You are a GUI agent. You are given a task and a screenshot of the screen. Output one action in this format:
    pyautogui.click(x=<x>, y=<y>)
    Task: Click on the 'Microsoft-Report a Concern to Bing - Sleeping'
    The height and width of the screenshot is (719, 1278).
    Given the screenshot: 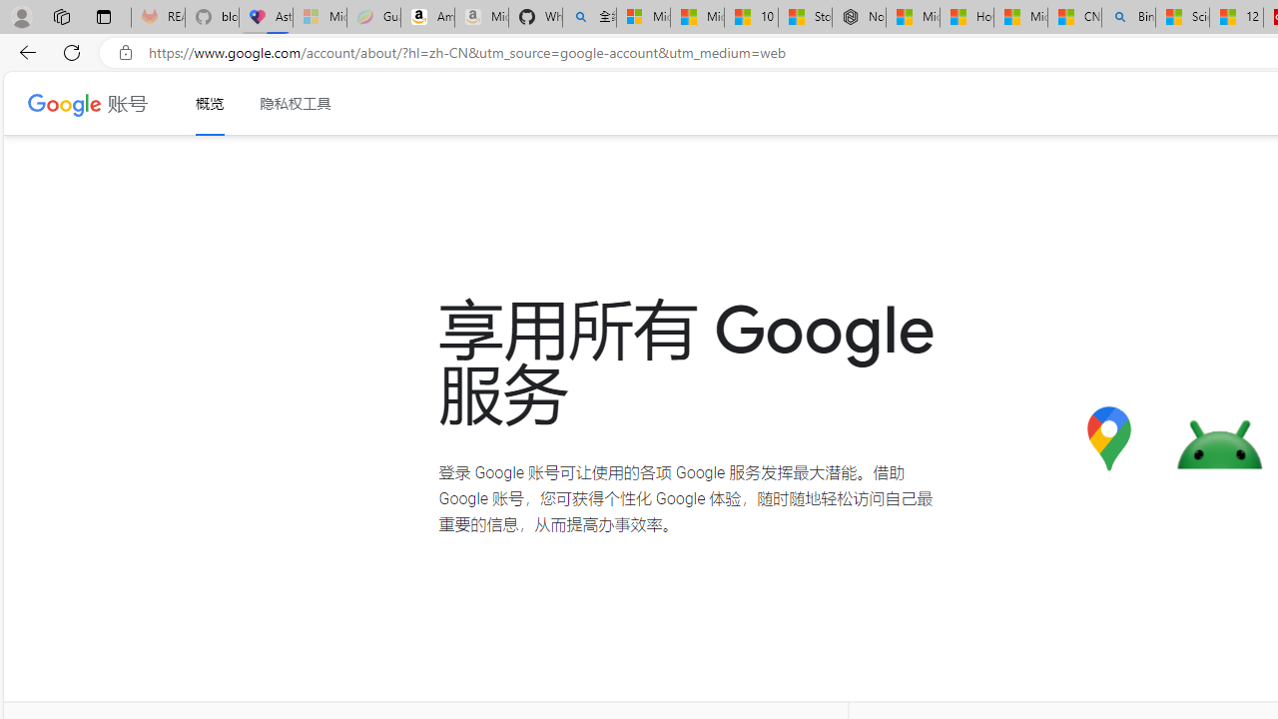 What is the action you would take?
    pyautogui.click(x=319, y=17)
    